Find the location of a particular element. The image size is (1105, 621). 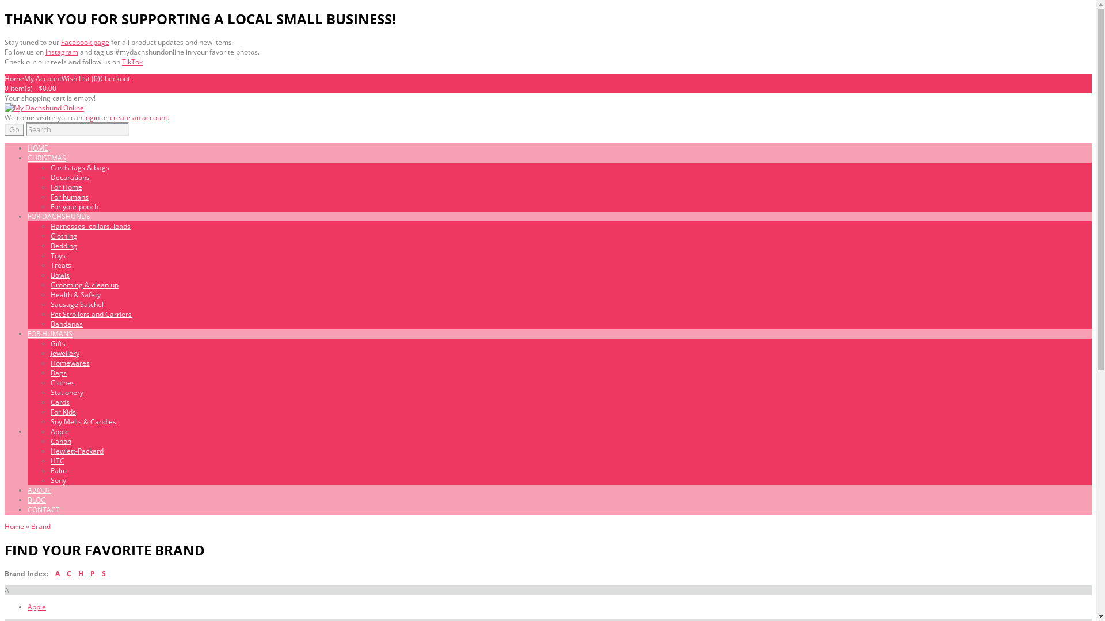

'HOME' is located at coordinates (38, 147).